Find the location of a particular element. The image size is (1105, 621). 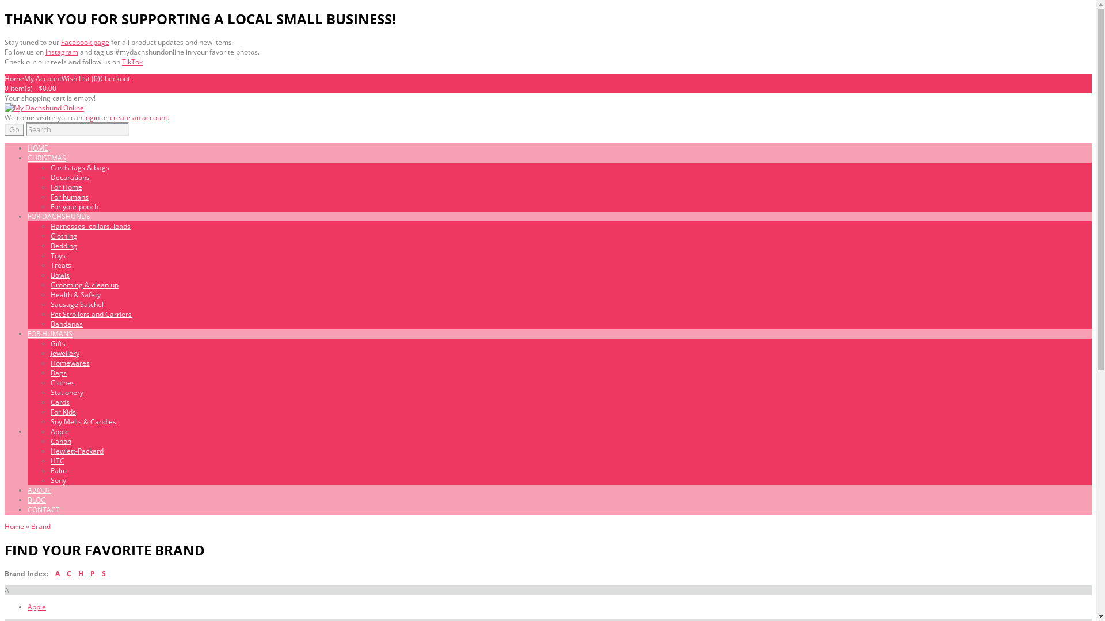

'HOME' is located at coordinates (38, 147).